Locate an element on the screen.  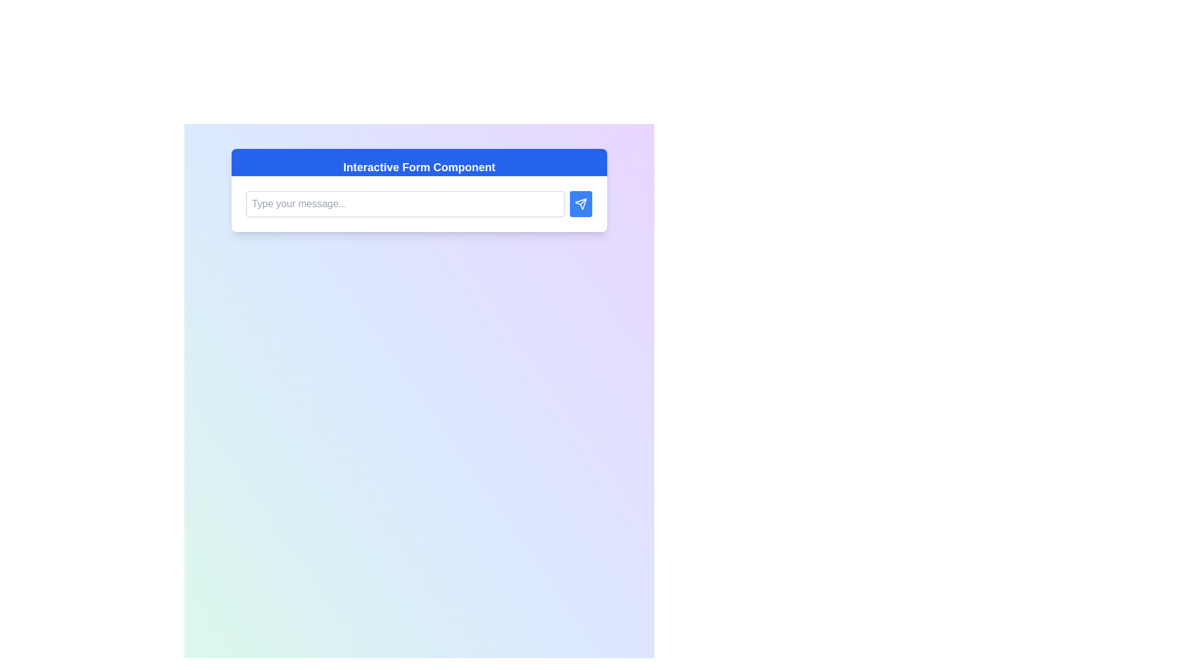
the message sending icon located at the far right of the rounded button in the user input area below the 'Interactive Form Component' header is located at coordinates (580, 203).